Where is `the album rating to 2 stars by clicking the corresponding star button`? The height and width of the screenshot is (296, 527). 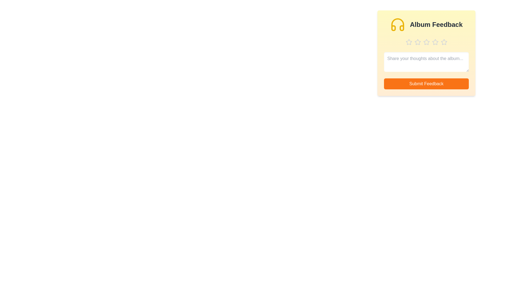
the album rating to 2 stars by clicking the corresponding star button is located at coordinates (417, 42).